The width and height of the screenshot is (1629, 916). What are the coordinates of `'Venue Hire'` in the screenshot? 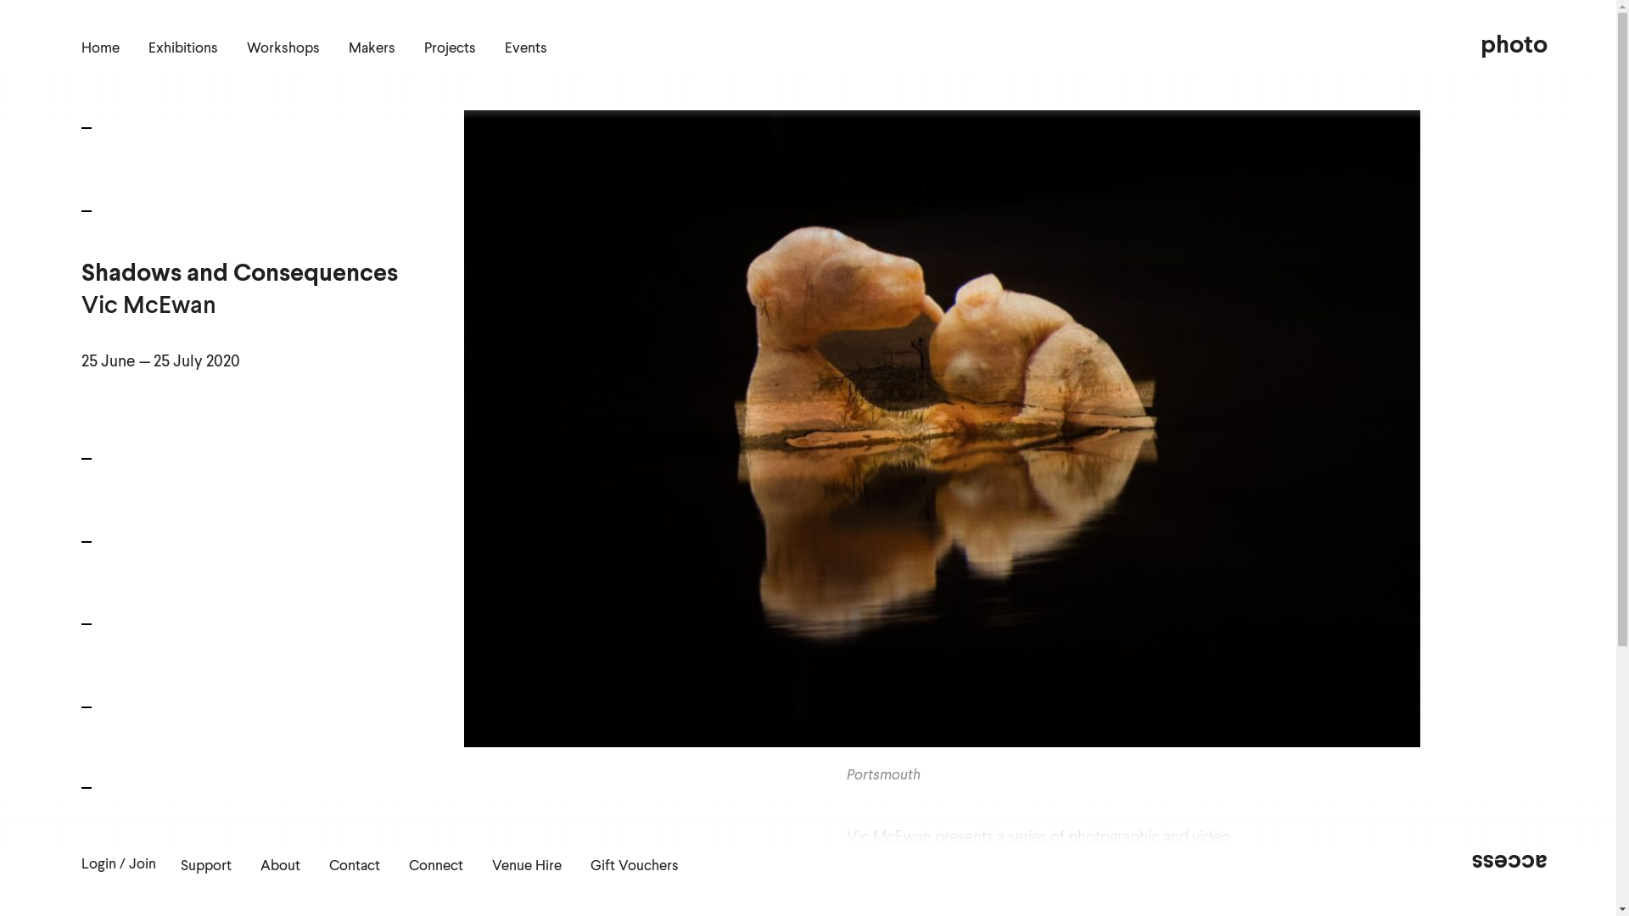 It's located at (525, 866).